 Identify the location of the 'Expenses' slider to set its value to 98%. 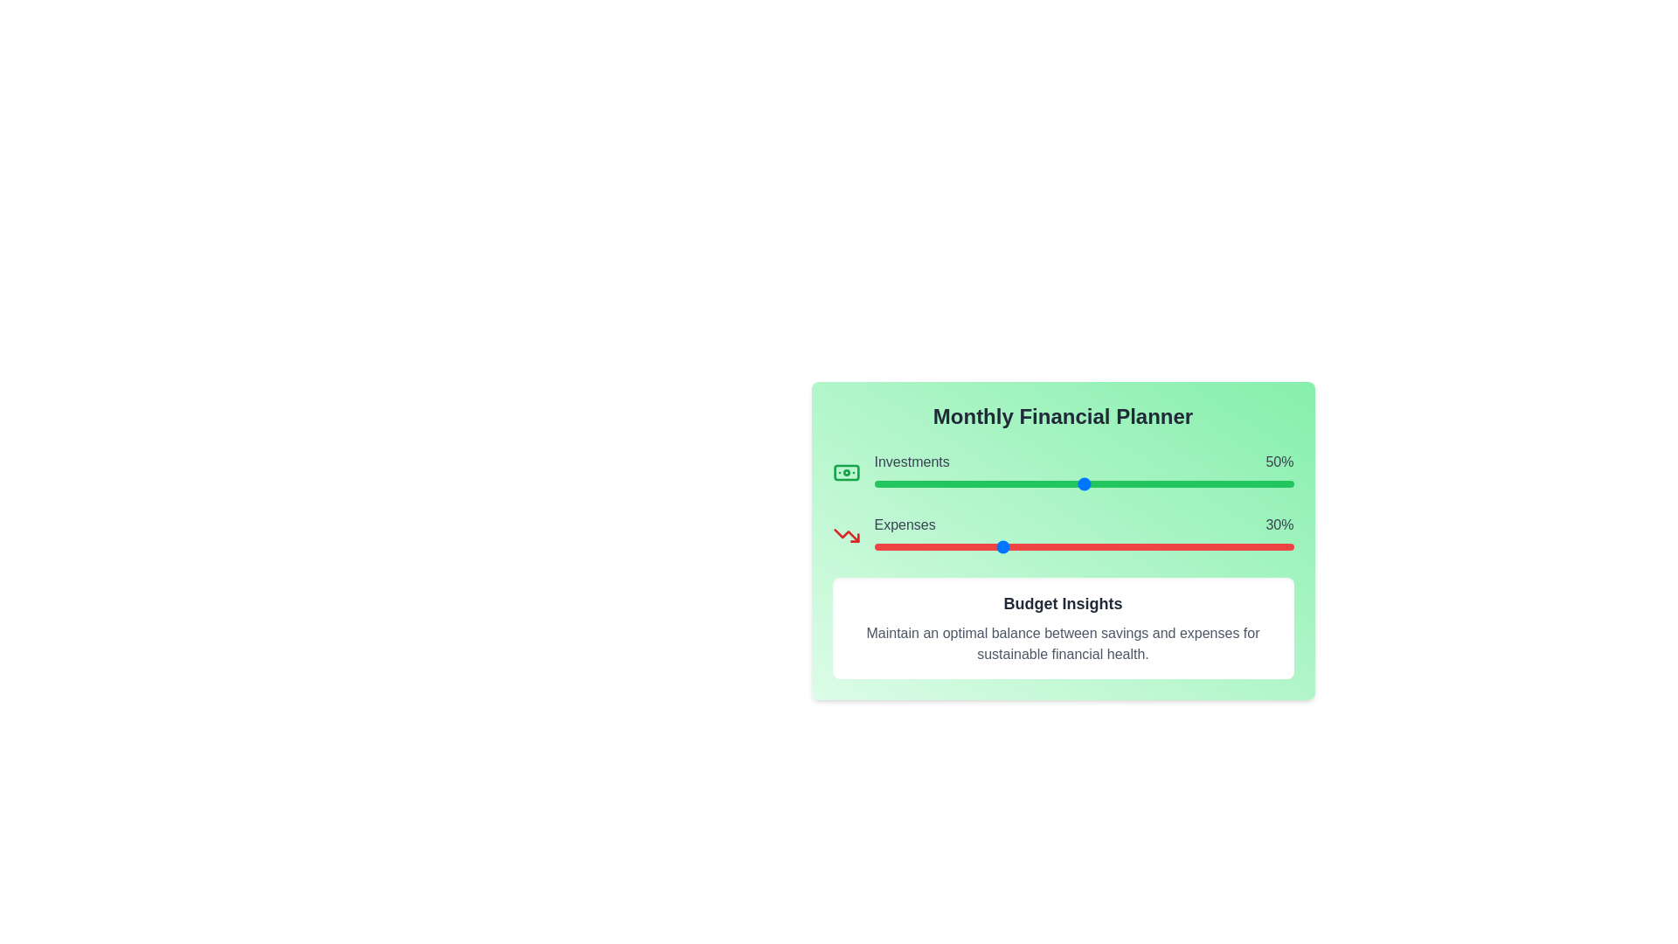
(1285, 545).